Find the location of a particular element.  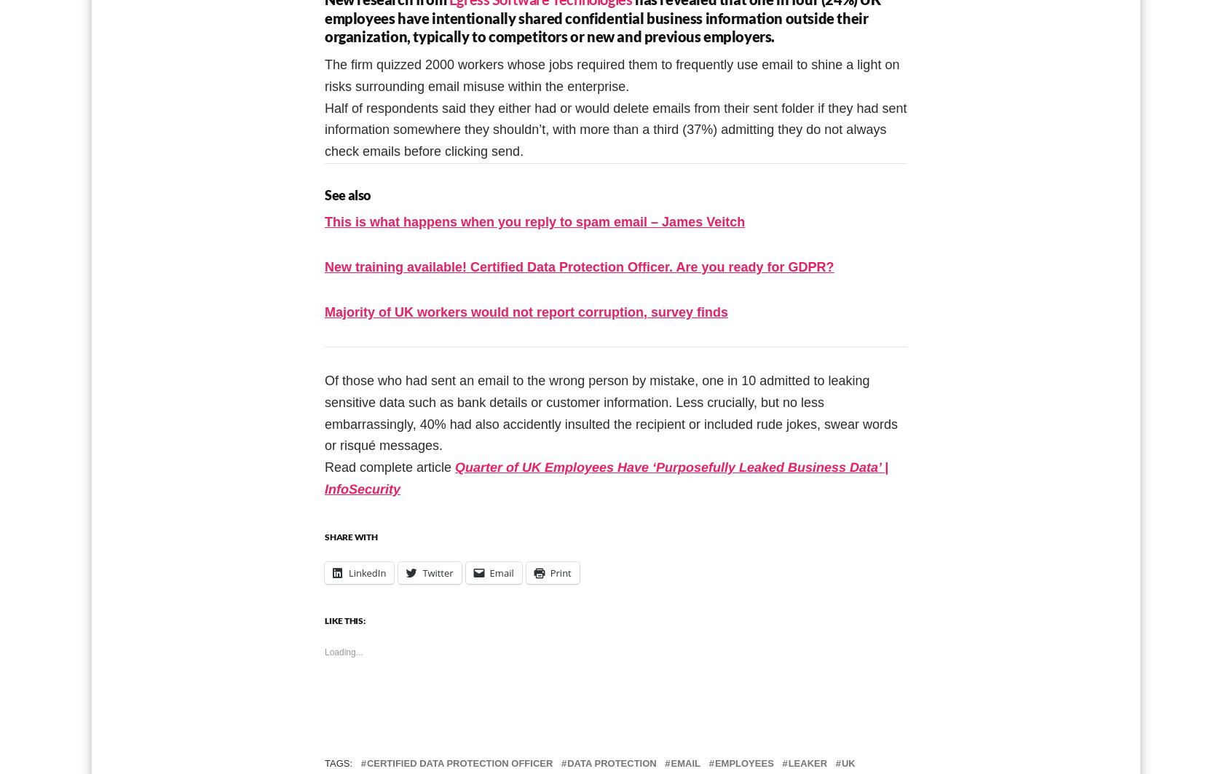

'Of those who had sent an email to the wrong person by mistake, one in 10 admitted to leaking sensitive data such as bank details or customer information. Less crucially, but no less embarrassingly, 40% had also accidently insulted the recipient or included rude jokes, swear words or risqué messages.' is located at coordinates (324, 412).